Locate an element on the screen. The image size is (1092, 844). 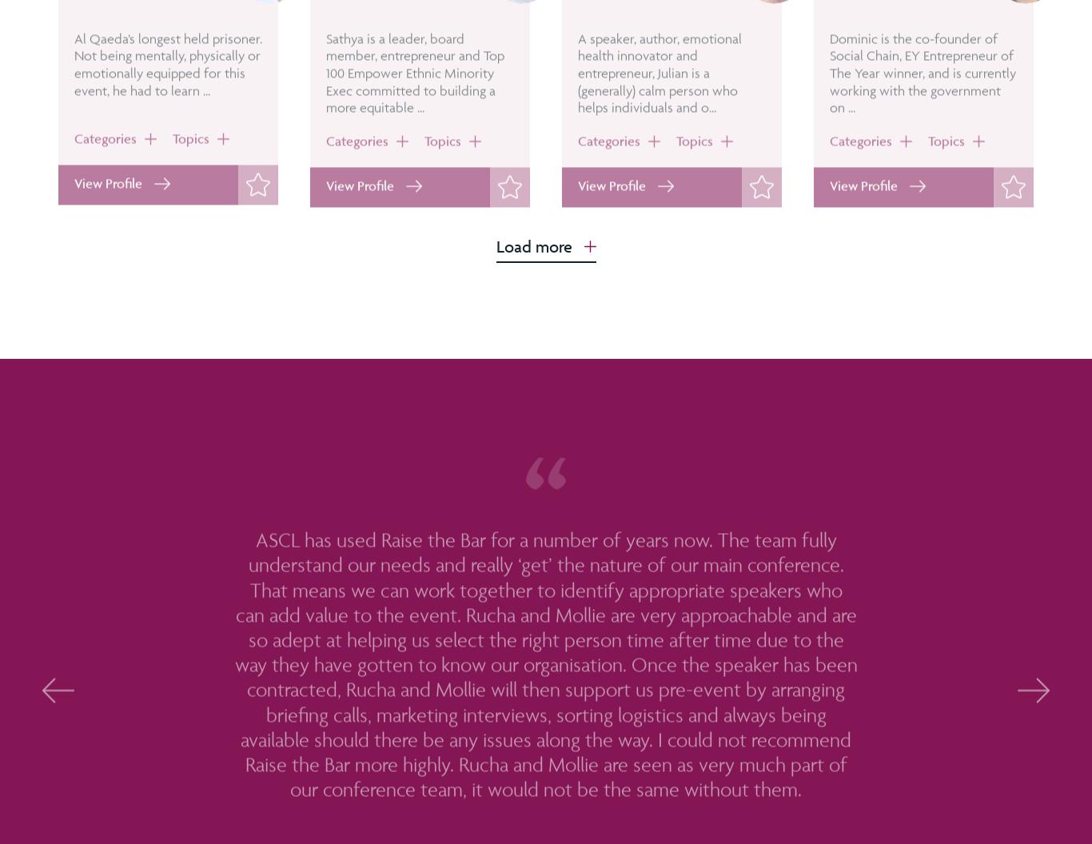
'Dominic McGregor' is located at coordinates (900, 32).